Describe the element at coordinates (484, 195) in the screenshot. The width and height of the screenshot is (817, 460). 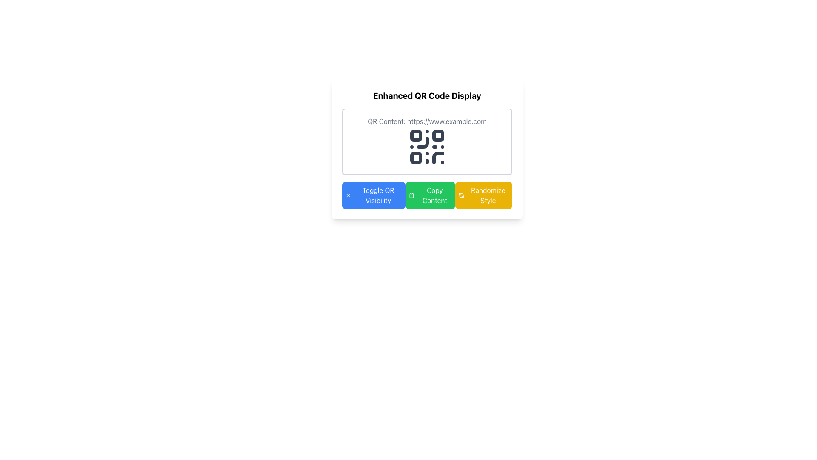
I see `the 'Randomize Style' button, which is the third button in the sequence located at the bottom of the interface` at that location.